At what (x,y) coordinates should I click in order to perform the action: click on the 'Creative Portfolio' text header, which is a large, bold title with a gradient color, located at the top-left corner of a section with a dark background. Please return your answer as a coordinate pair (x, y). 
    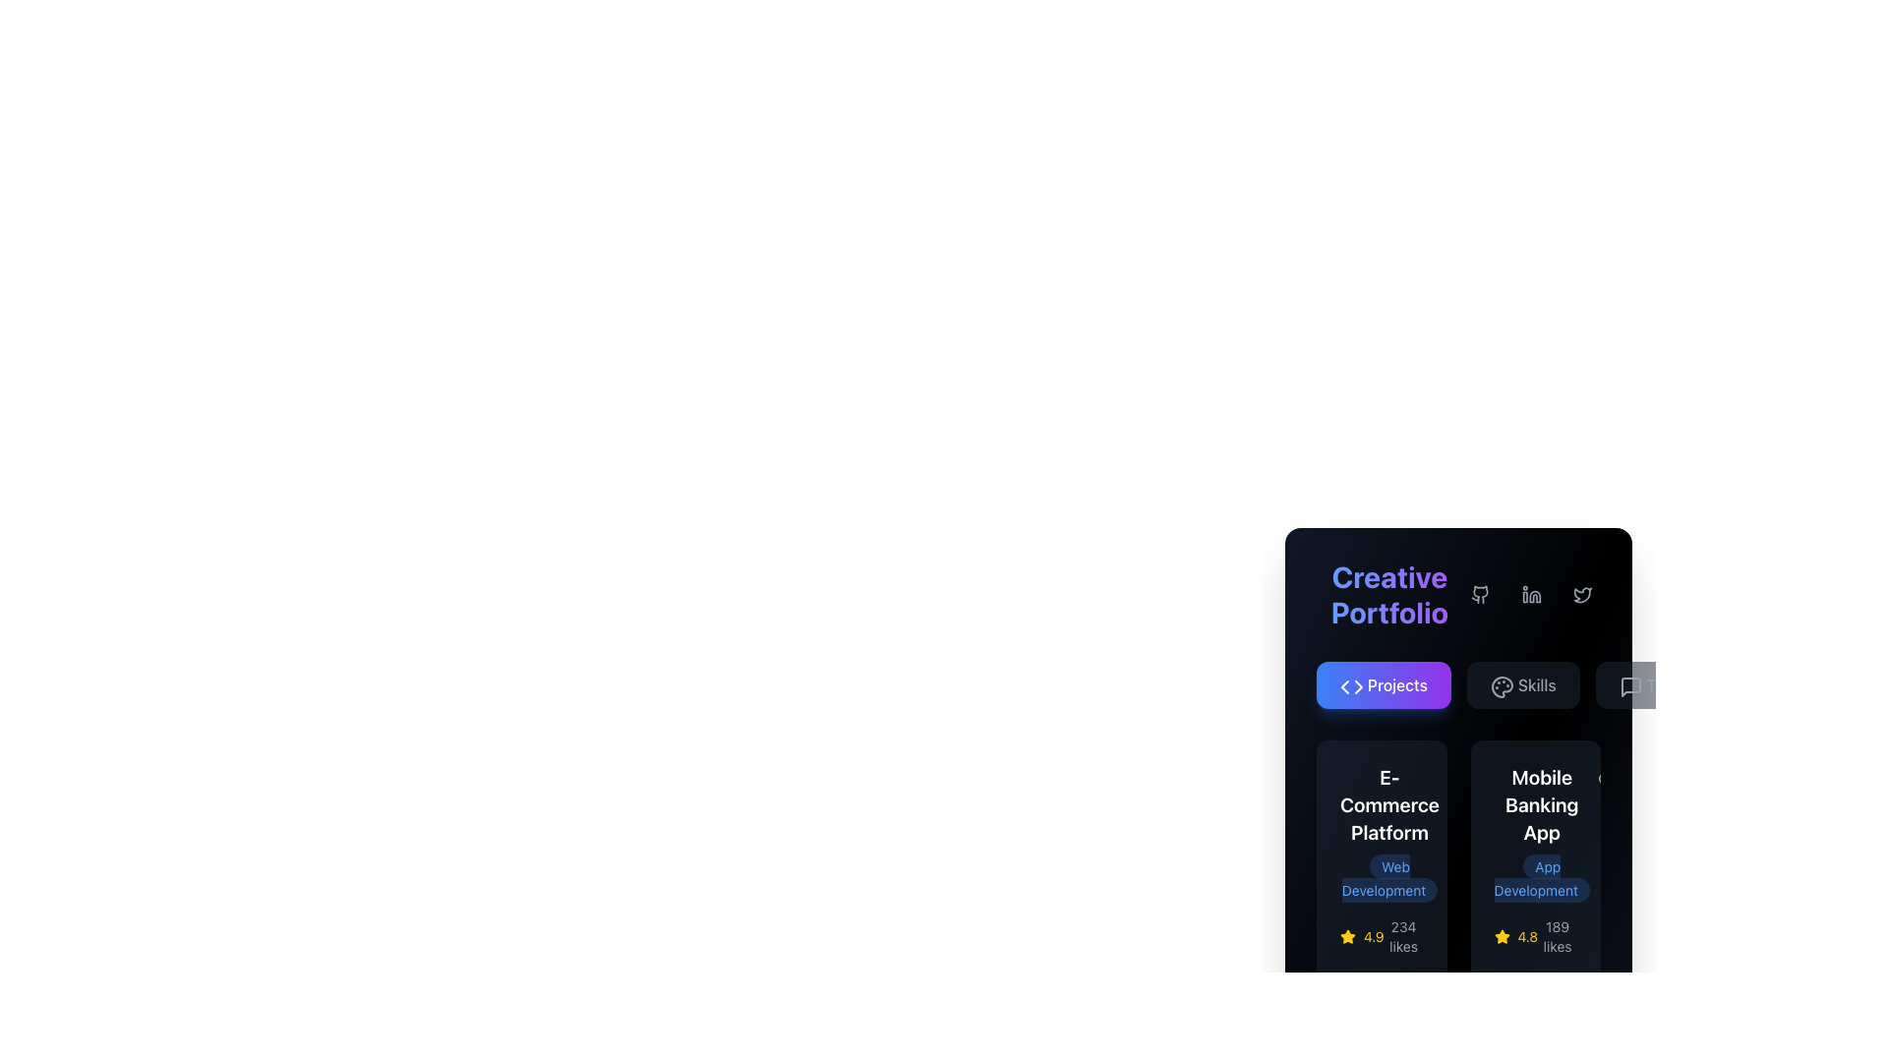
    Looking at the image, I should click on (1388, 594).